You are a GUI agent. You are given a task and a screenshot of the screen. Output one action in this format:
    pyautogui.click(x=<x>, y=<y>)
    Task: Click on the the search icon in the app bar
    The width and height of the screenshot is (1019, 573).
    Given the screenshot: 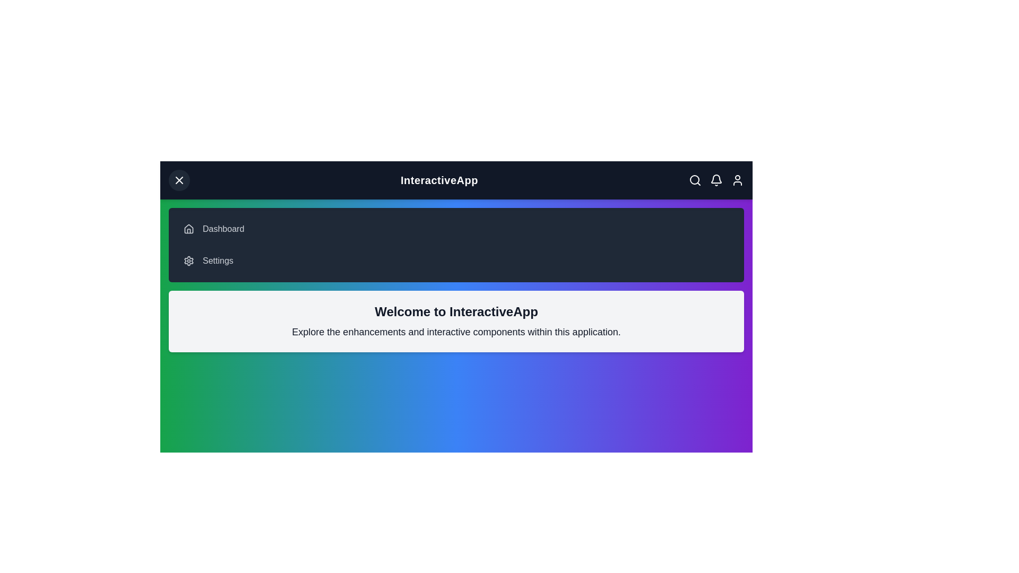 What is the action you would take?
    pyautogui.click(x=695, y=179)
    